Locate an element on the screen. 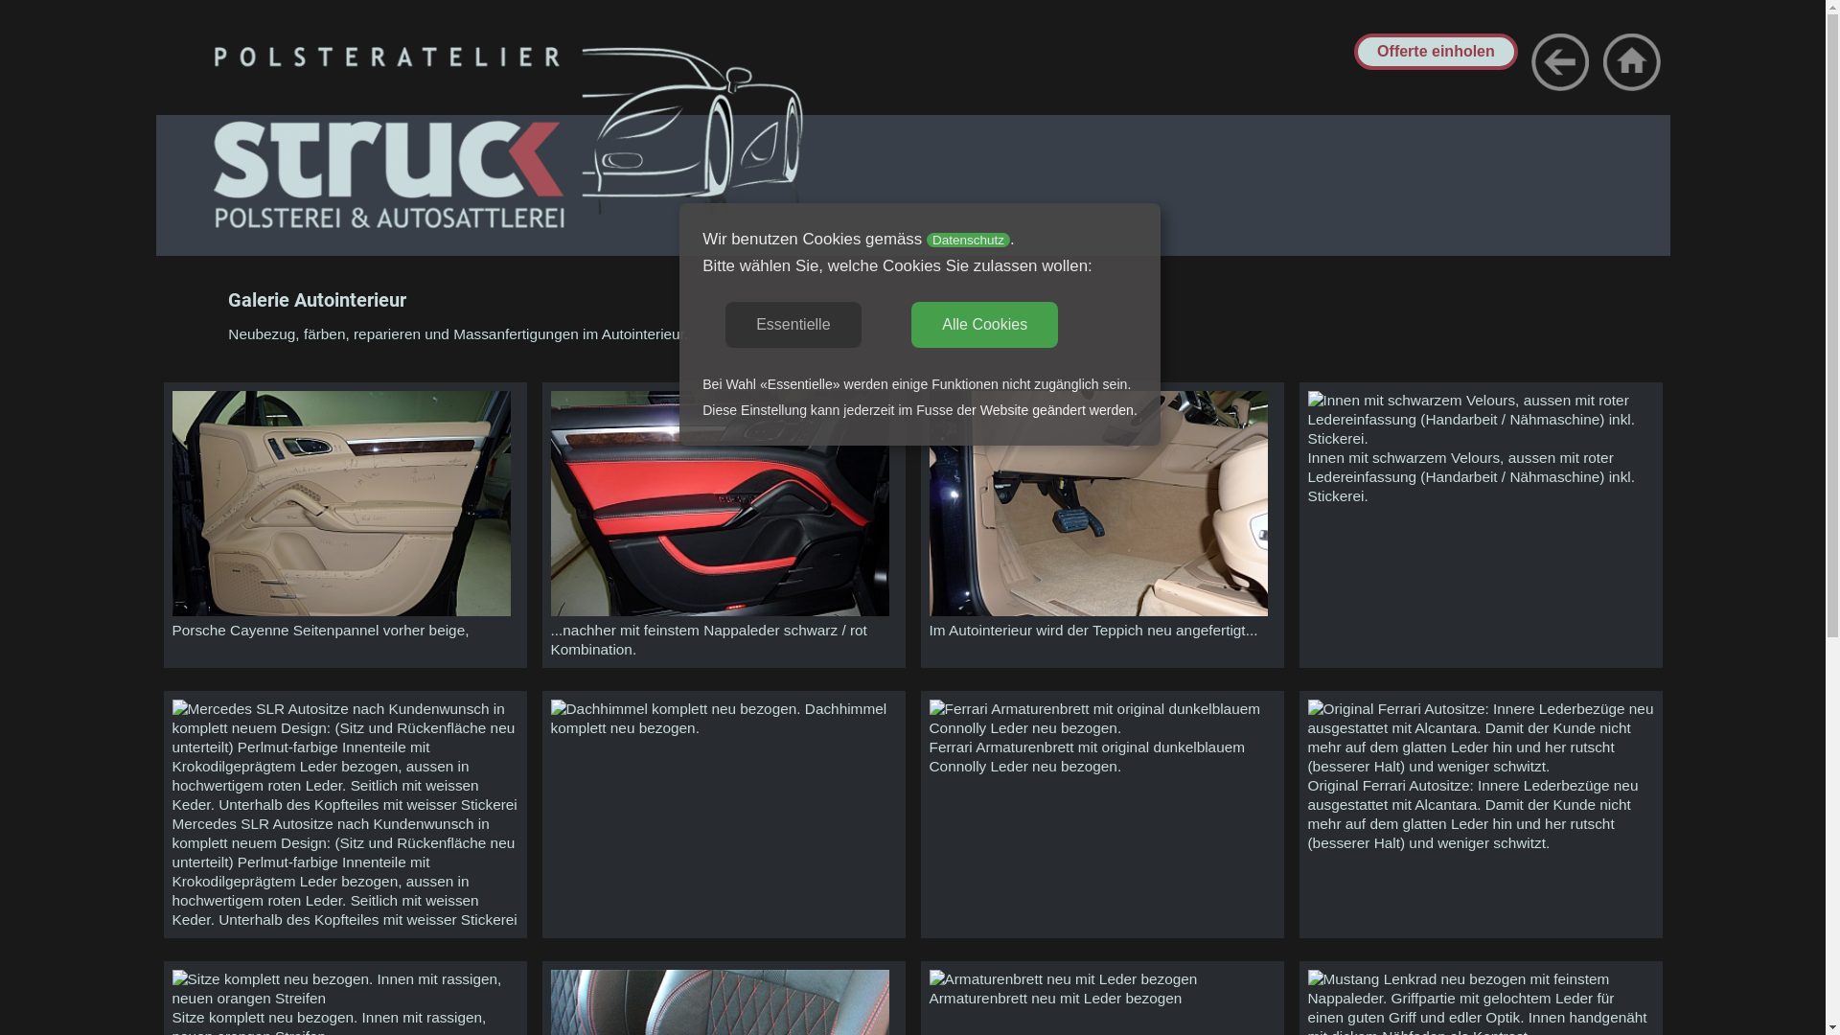  'Porsche Cayenne Seitenpannel vorher beige,' is located at coordinates (341, 502).